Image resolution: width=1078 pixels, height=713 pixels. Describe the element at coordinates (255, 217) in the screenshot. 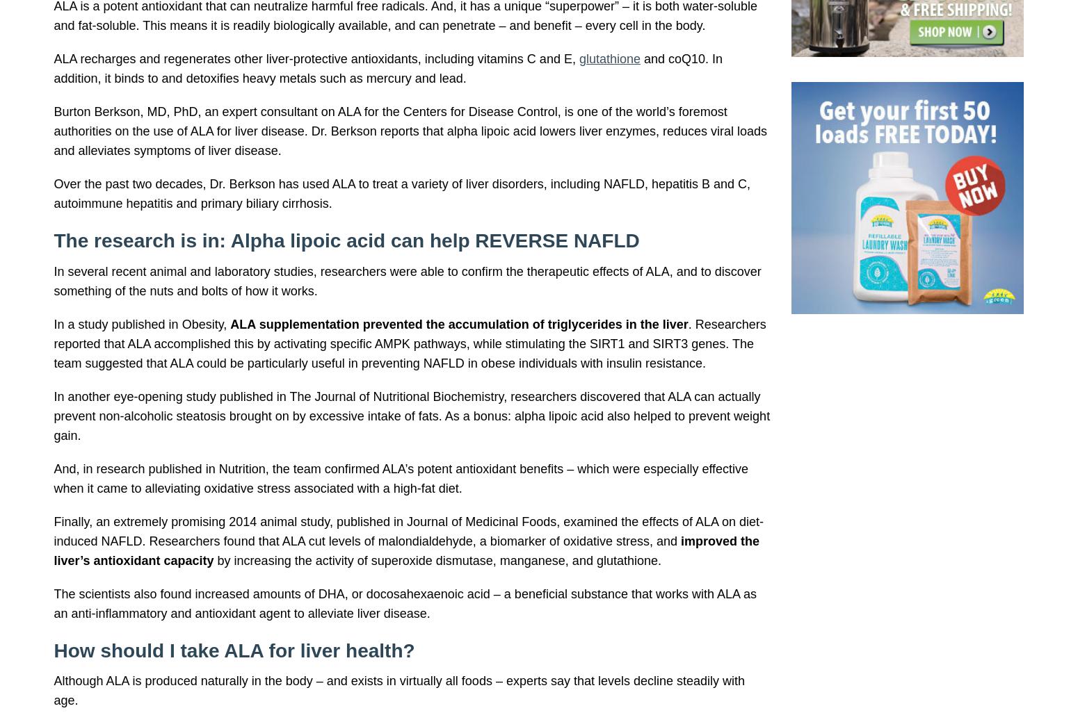

I see `'can the above protocol'` at that location.